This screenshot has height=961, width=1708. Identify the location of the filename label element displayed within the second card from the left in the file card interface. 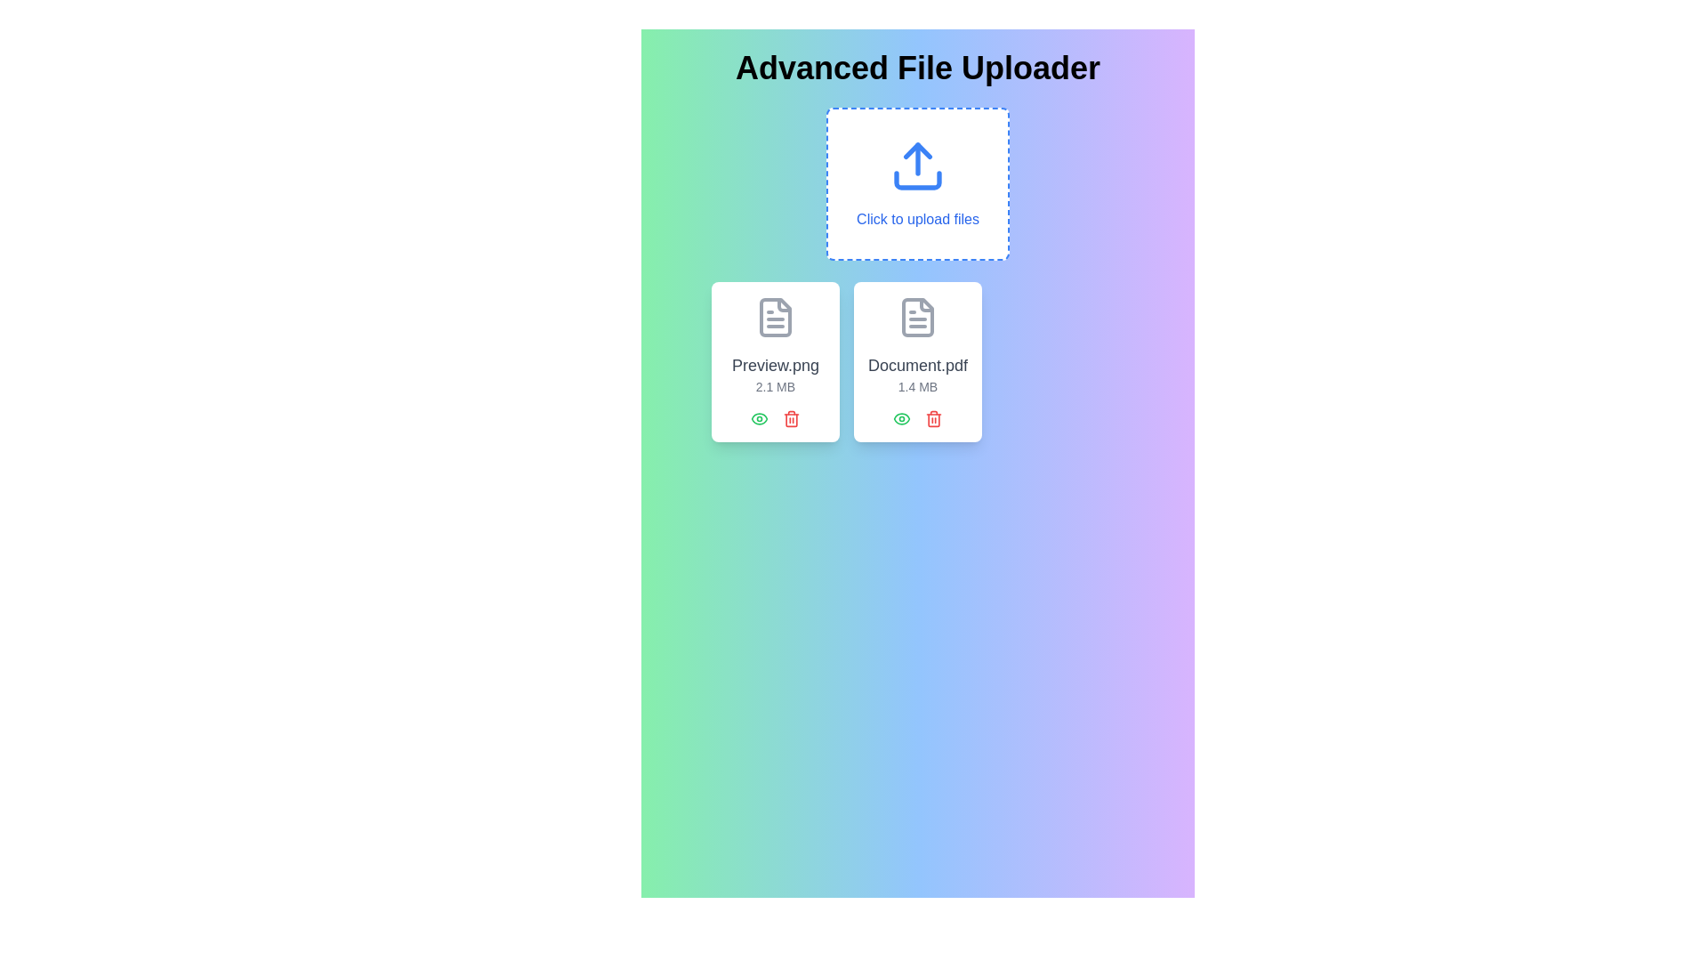
(918, 365).